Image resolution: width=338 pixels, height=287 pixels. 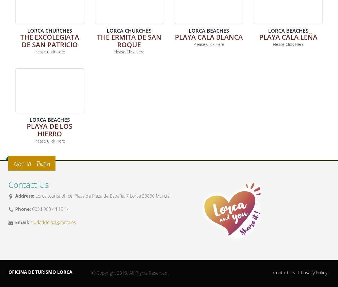 What do you see at coordinates (25, 196) in the screenshot?
I see `'Address:'` at bounding box center [25, 196].